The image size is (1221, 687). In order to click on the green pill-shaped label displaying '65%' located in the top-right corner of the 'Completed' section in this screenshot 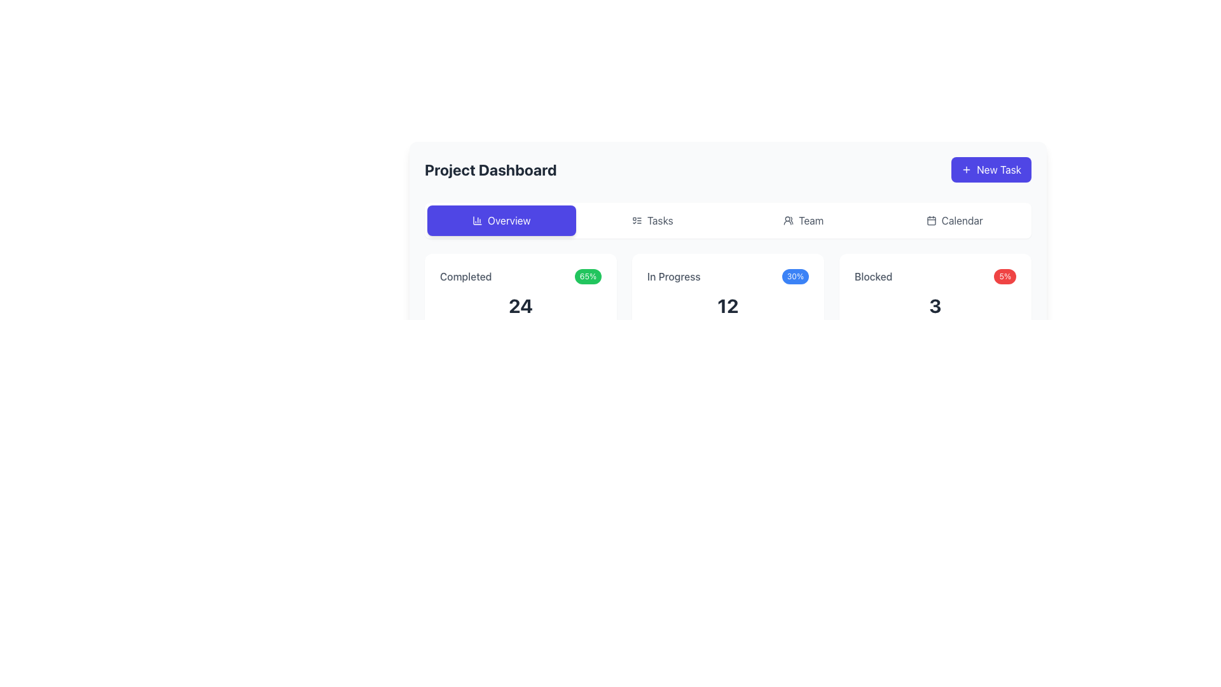, I will do `click(587, 276)`.